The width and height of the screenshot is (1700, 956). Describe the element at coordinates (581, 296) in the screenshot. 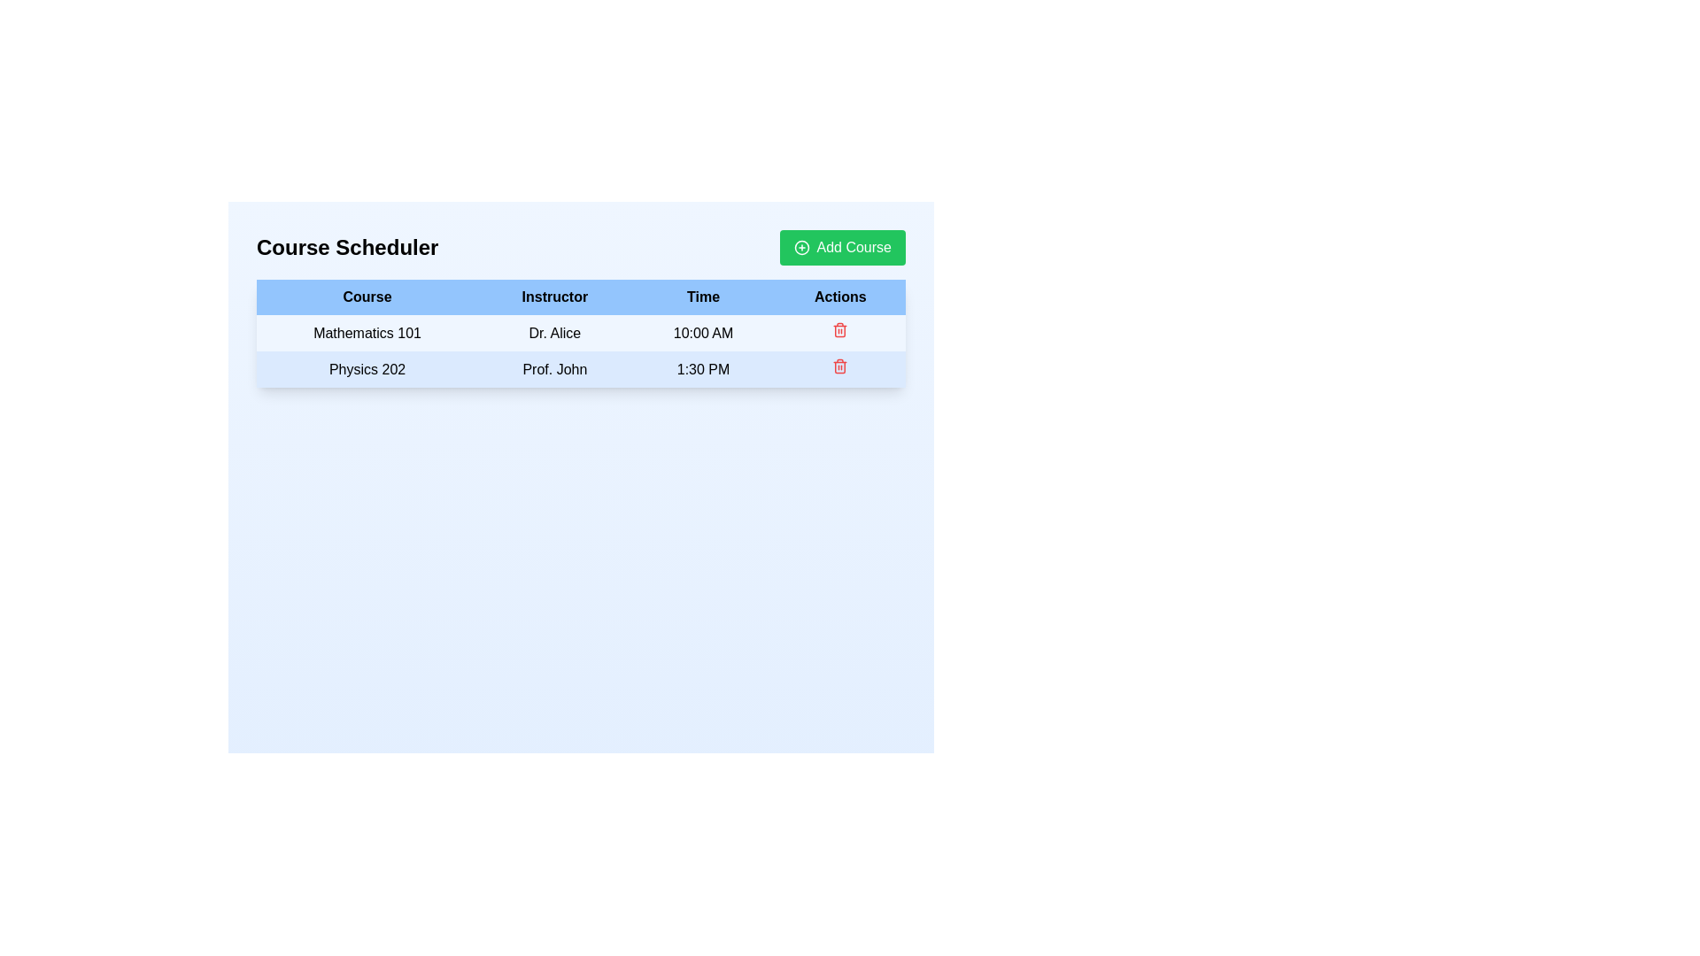

I see `the Table Header element that labels the columns for the course schedule (Course, Instructor, Time, Actions) located at the top of the table in the main content area` at that location.